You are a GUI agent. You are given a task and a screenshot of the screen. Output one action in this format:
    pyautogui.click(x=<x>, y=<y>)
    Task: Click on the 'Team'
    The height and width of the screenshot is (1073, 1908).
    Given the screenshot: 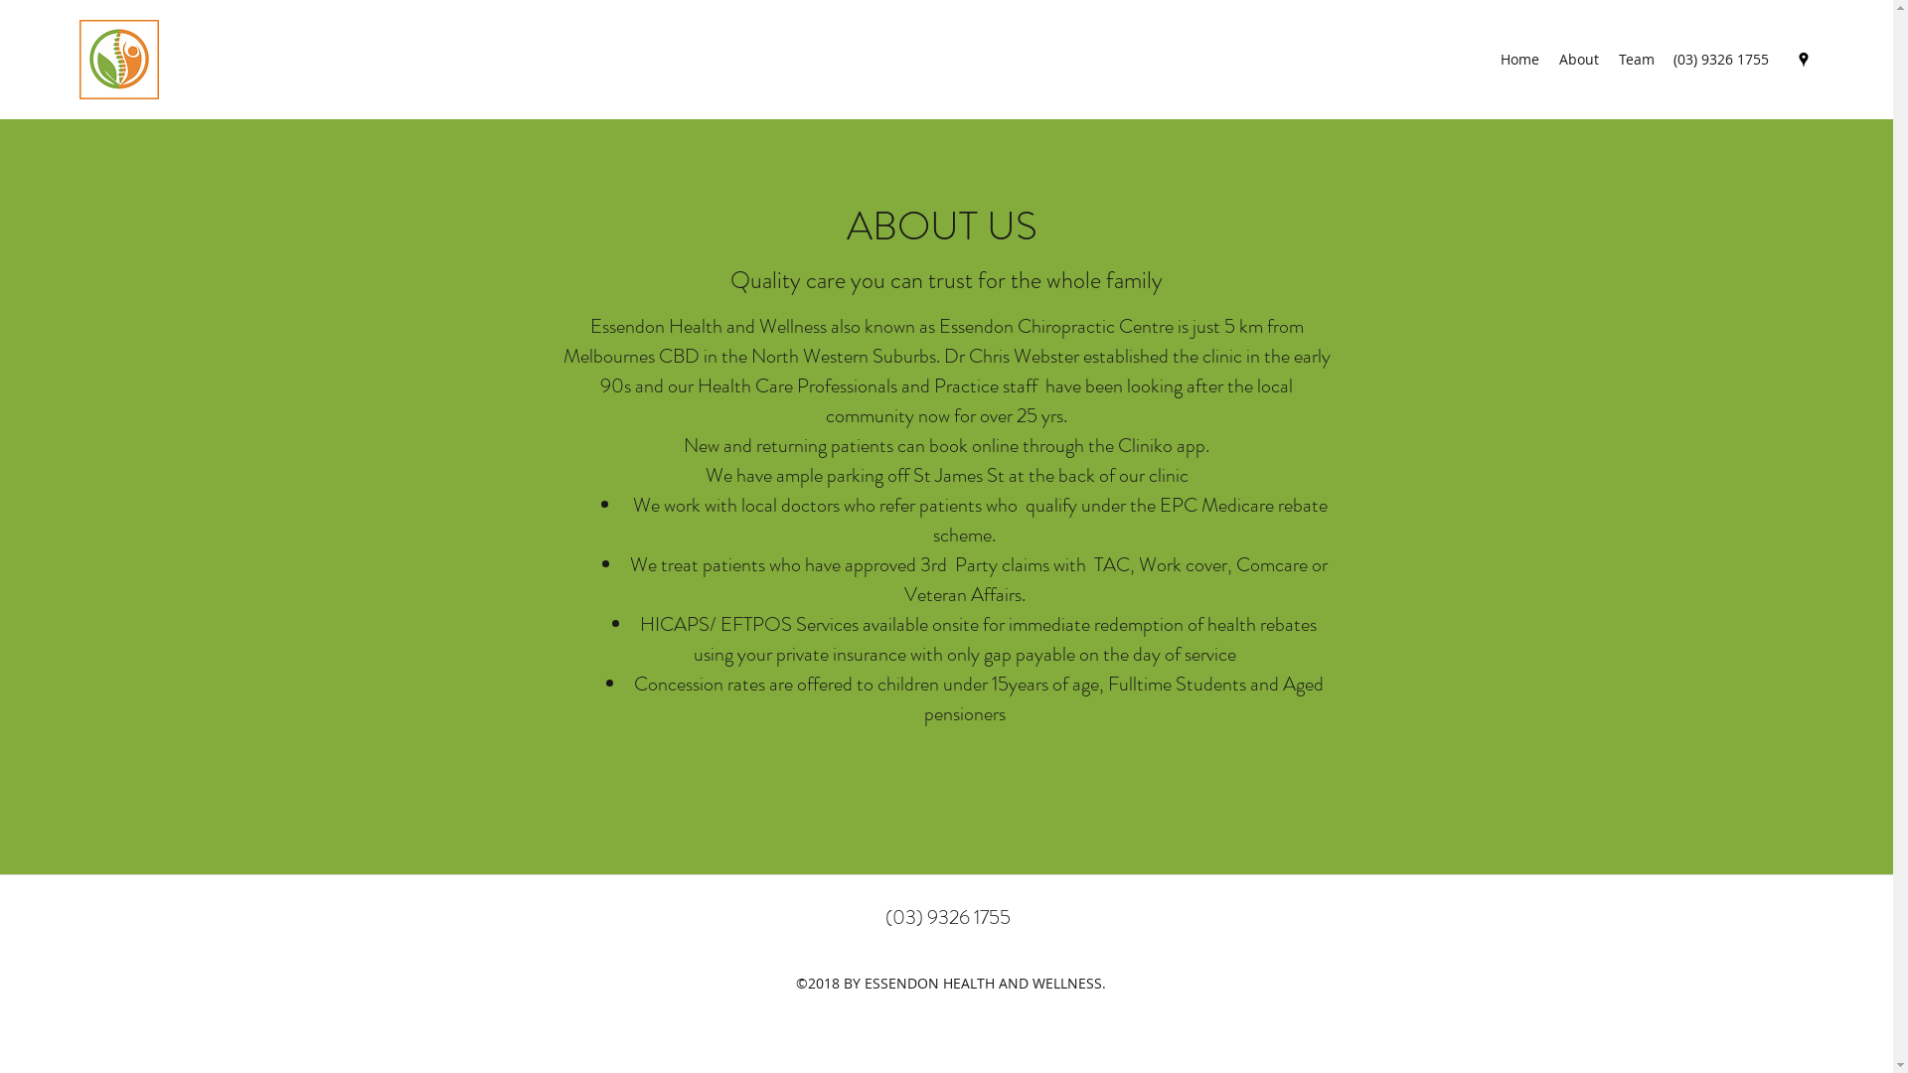 What is the action you would take?
    pyautogui.click(x=1636, y=59)
    